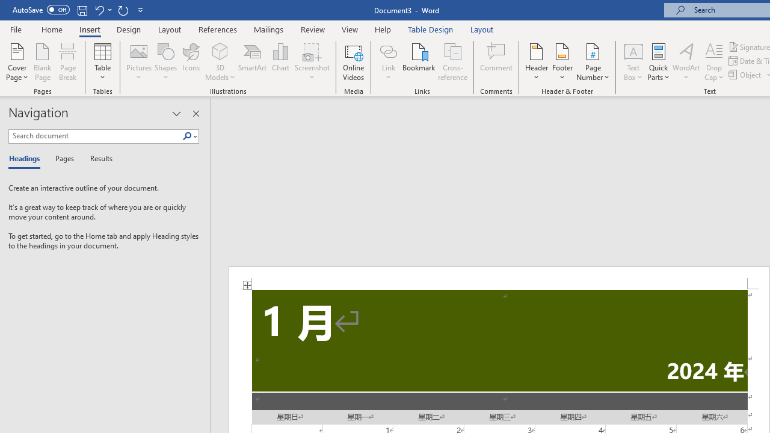 The image size is (770, 433). I want to click on 'Cross-reference...', so click(452, 62).